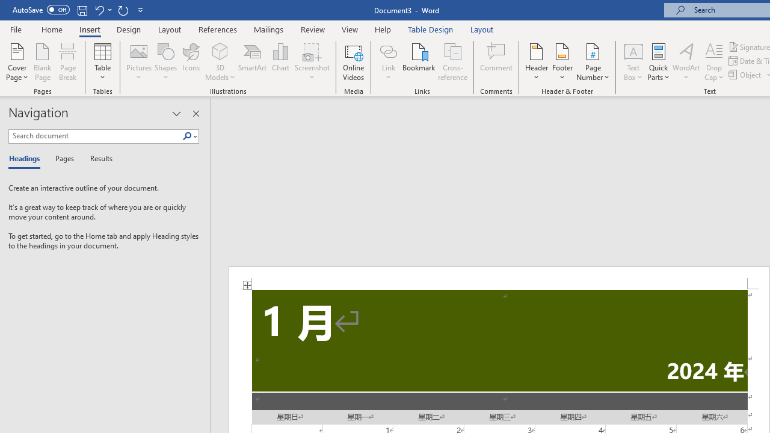 The image size is (770, 433). I want to click on 'Cross-reference...', so click(452, 62).